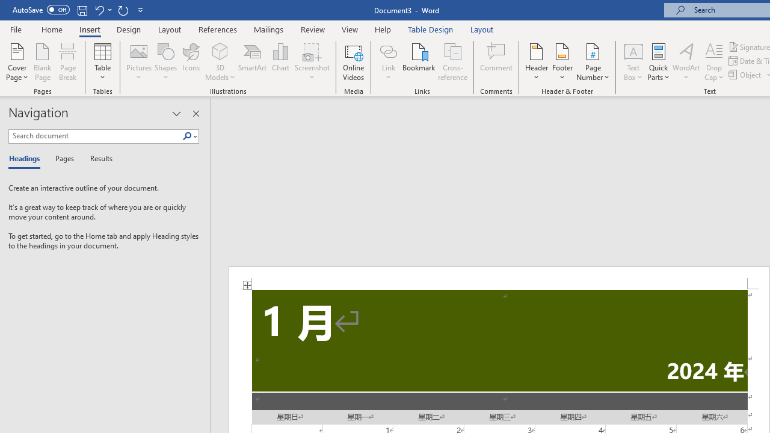 The image size is (770, 433). I want to click on 'Cross-reference...', so click(452, 62).